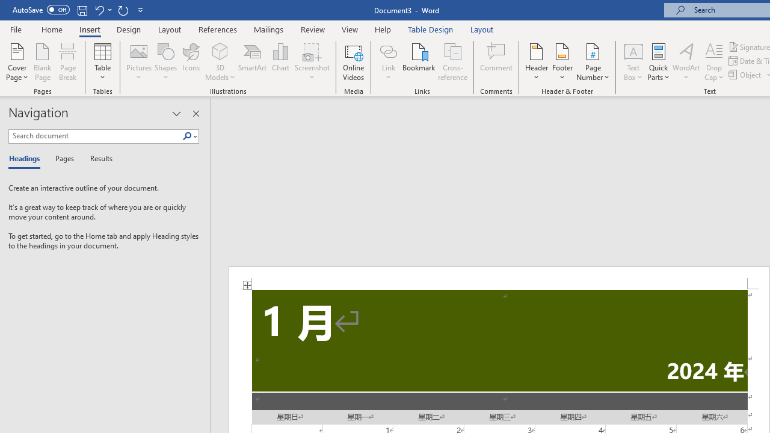 The image size is (770, 433). I want to click on 'Cross-reference...', so click(452, 62).